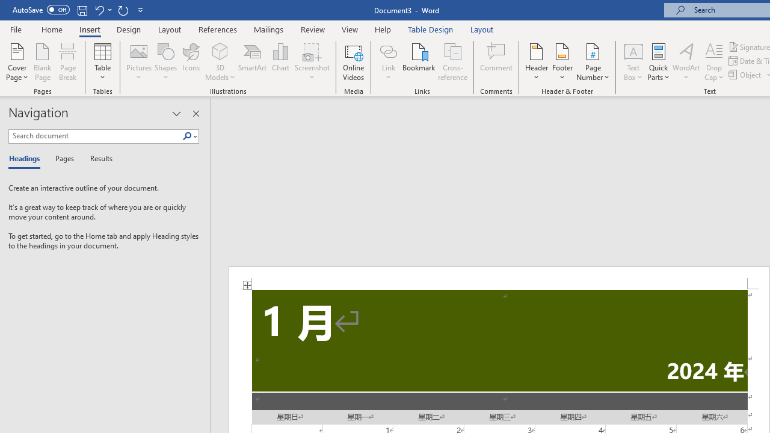 The image size is (770, 433). I want to click on 'Cross-reference...', so click(452, 62).